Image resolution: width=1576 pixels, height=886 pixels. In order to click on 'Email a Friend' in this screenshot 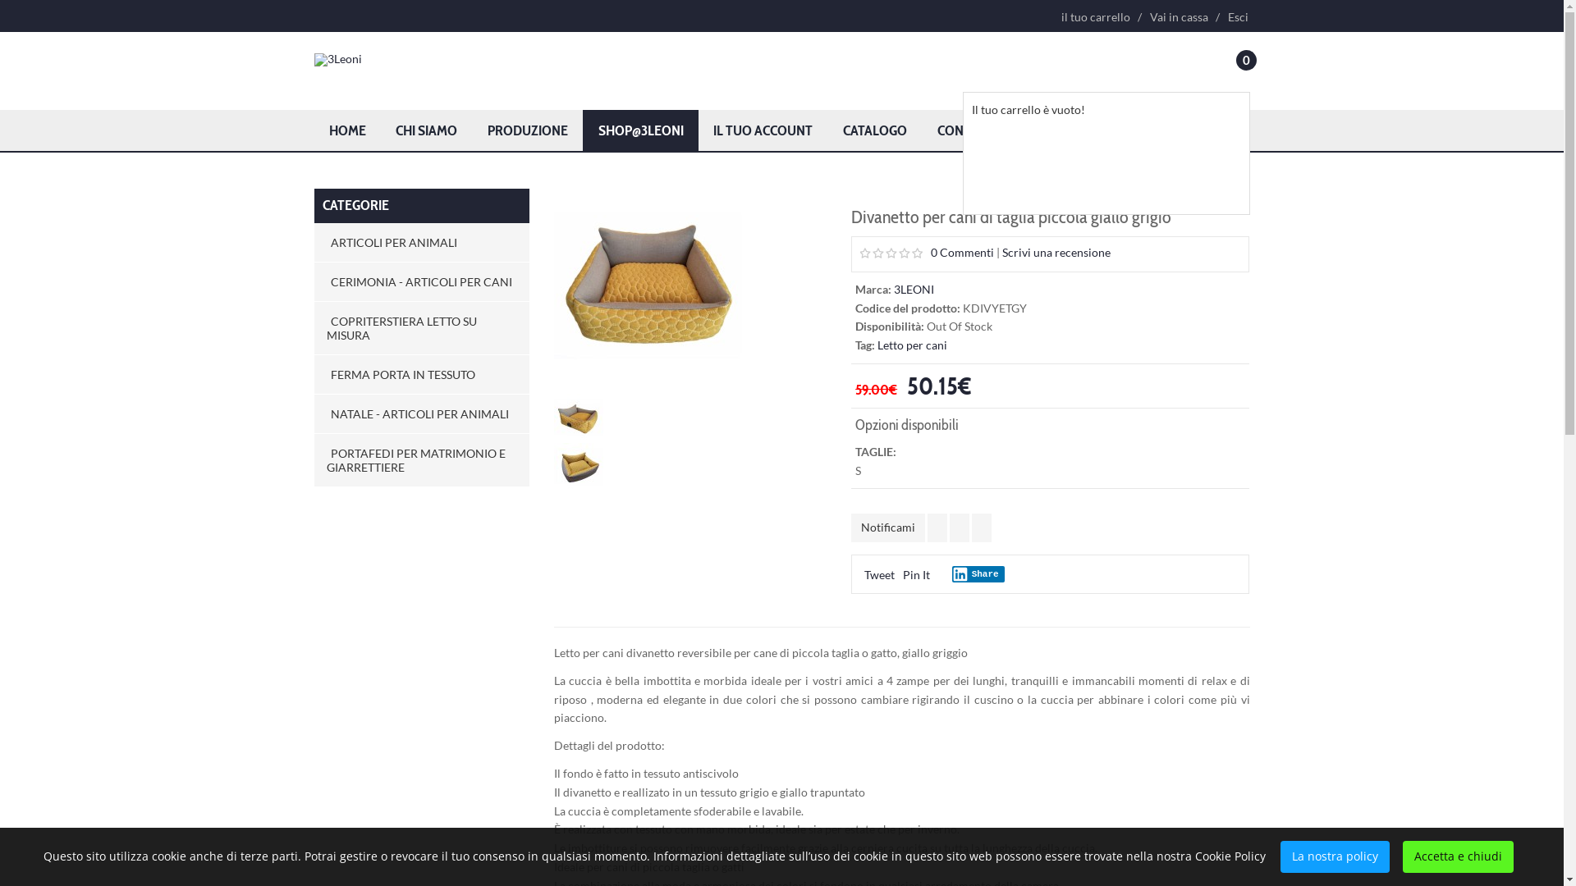, I will do `click(981, 527)`.